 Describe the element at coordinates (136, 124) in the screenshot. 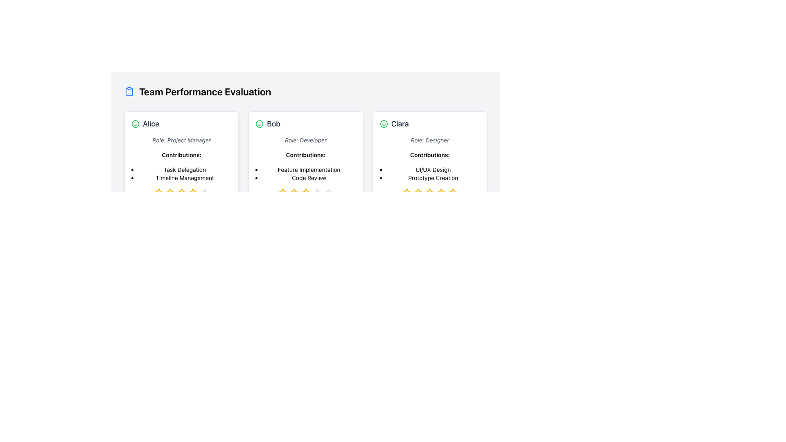

I see `the small circular icon with a green outline and a smiling face, located to the left of the name 'Alice' in the panel dedicated to her` at that location.